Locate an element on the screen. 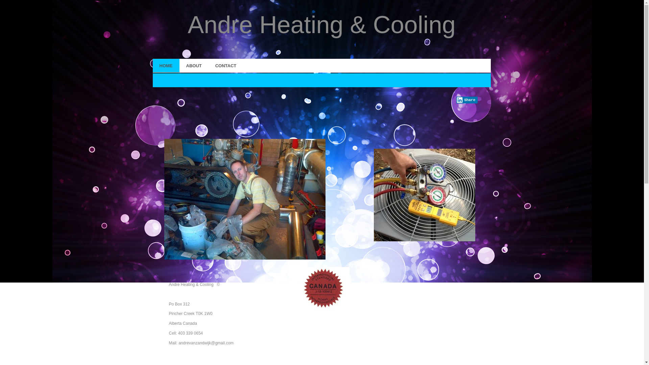  'ABOUT' is located at coordinates (193, 65).